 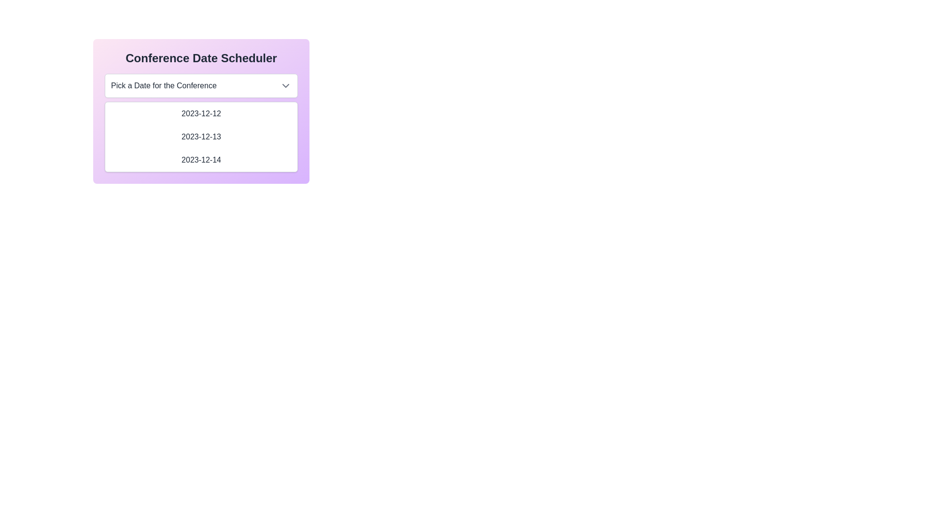 I want to click on the dropdown list item displaying the date '2023-12-12', so click(x=201, y=113).